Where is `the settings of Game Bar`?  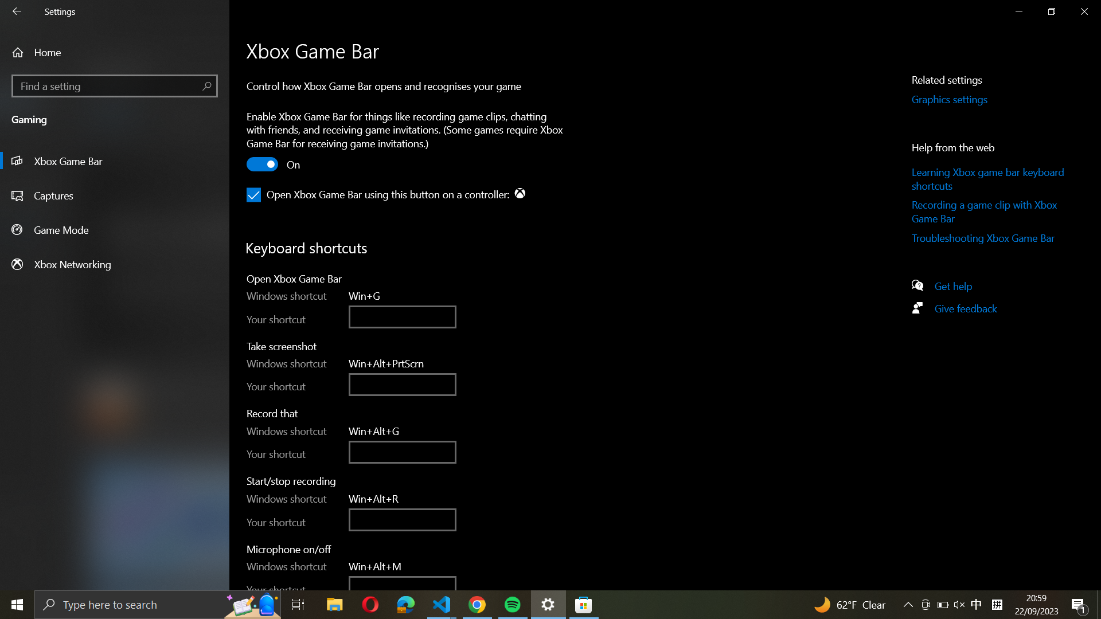
the settings of Game Bar is located at coordinates (114, 161).